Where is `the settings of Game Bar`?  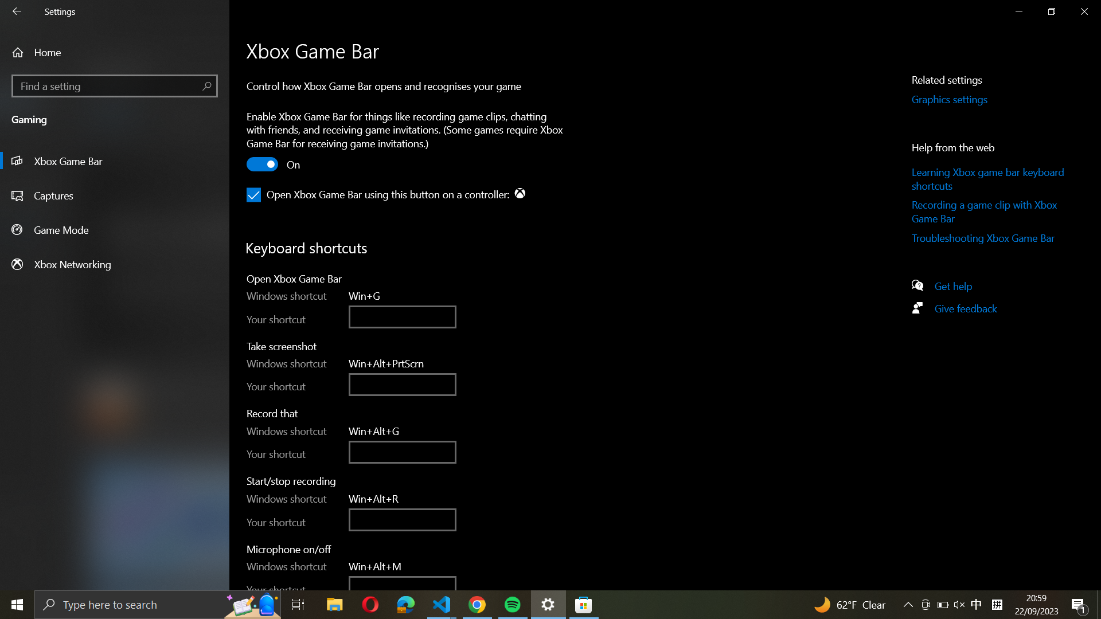
the settings of Game Bar is located at coordinates (114, 161).